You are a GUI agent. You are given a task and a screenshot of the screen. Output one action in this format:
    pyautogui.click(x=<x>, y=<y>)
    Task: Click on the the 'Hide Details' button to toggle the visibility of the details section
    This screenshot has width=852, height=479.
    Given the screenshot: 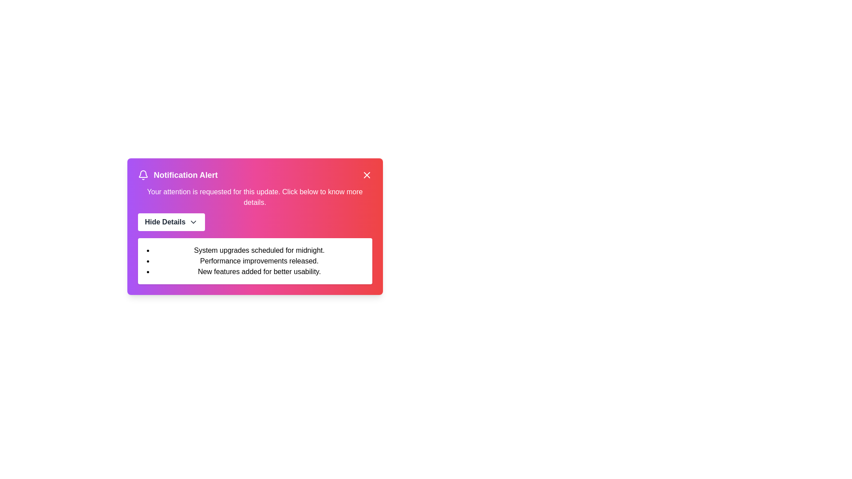 What is the action you would take?
    pyautogui.click(x=171, y=222)
    